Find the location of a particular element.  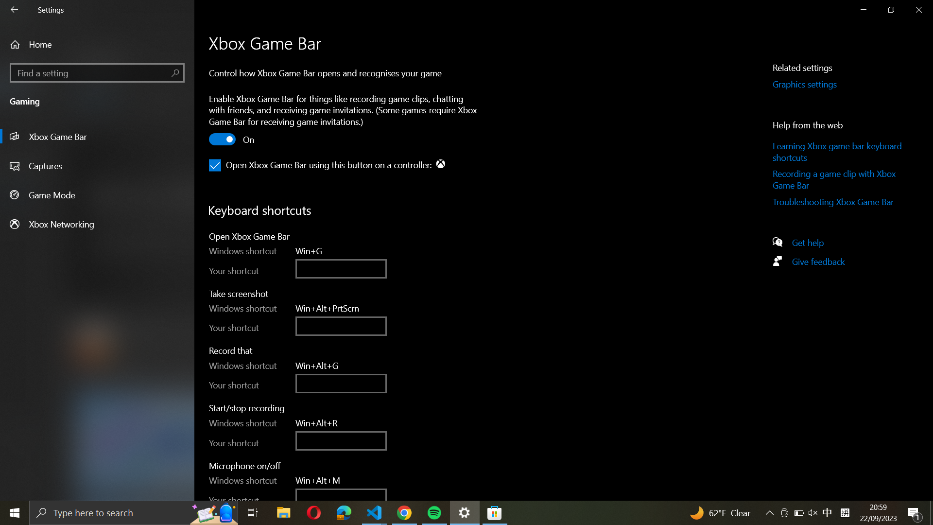

Go to the "Home" by clicking on the house icon in settings is located at coordinates (97, 44).